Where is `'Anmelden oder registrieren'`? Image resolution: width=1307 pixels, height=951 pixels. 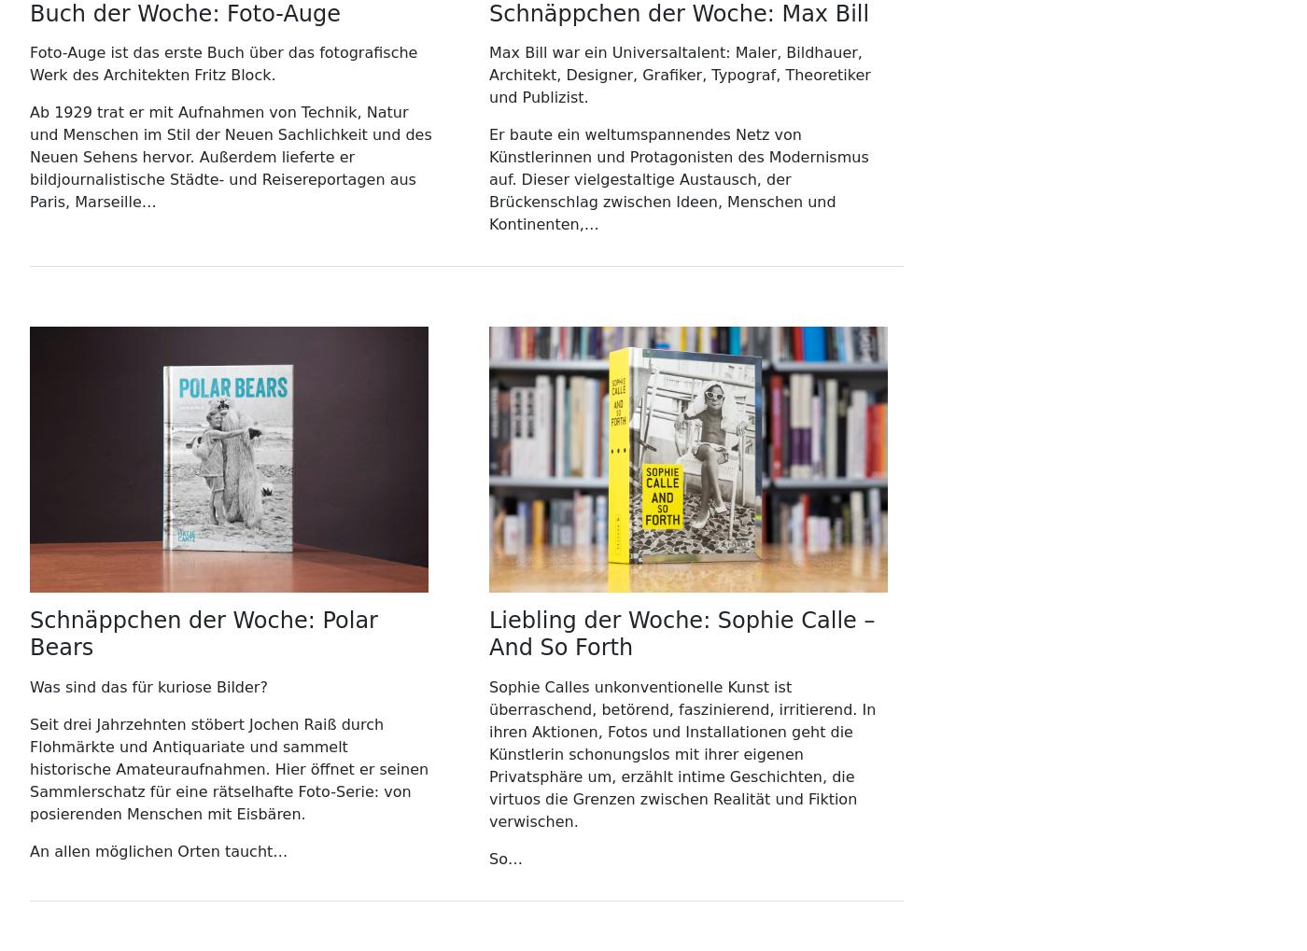 'Anmelden oder registrieren' is located at coordinates (361, 36).